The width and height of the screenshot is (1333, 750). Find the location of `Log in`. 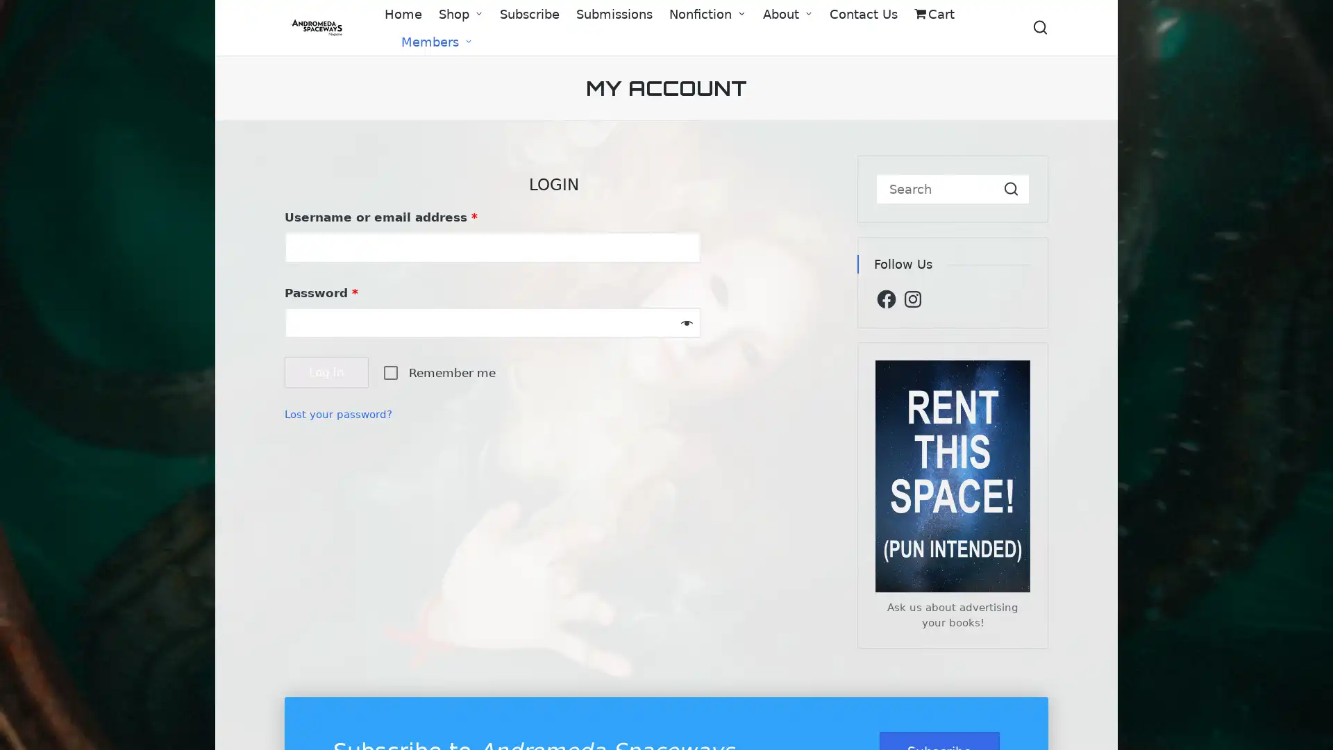

Log in is located at coordinates (326, 372).